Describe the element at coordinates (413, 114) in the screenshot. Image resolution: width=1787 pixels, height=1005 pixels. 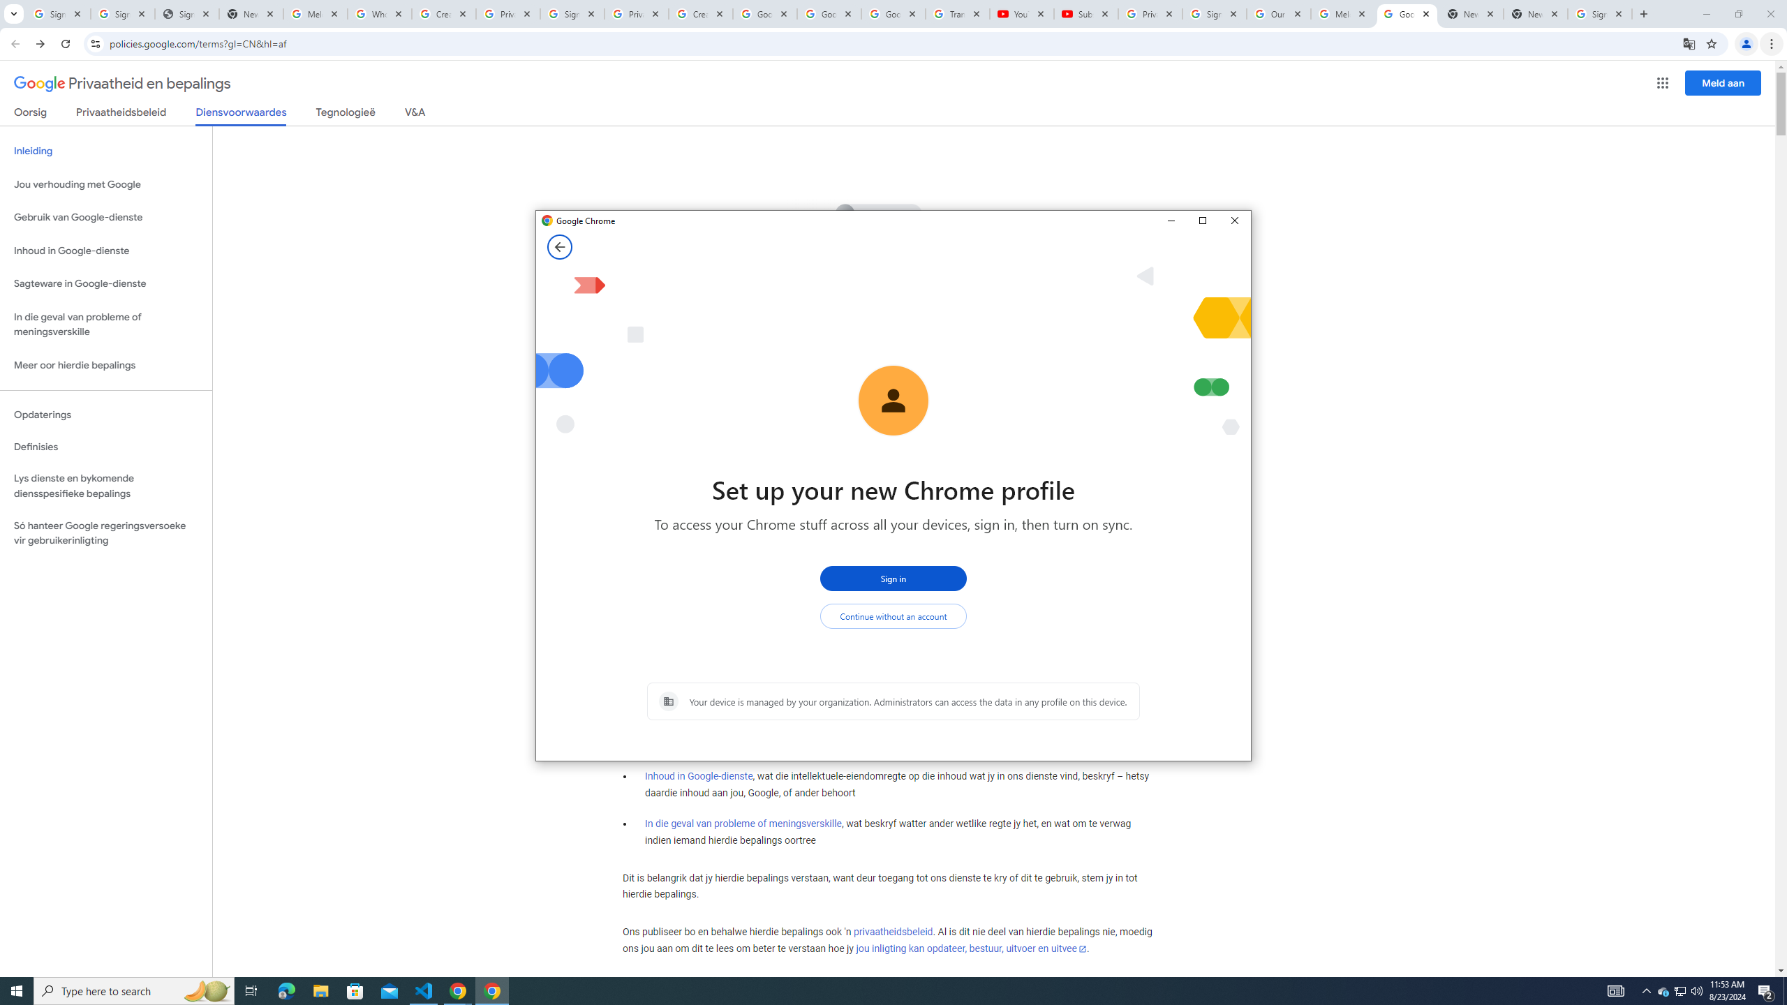
I see `'V&A'` at that location.